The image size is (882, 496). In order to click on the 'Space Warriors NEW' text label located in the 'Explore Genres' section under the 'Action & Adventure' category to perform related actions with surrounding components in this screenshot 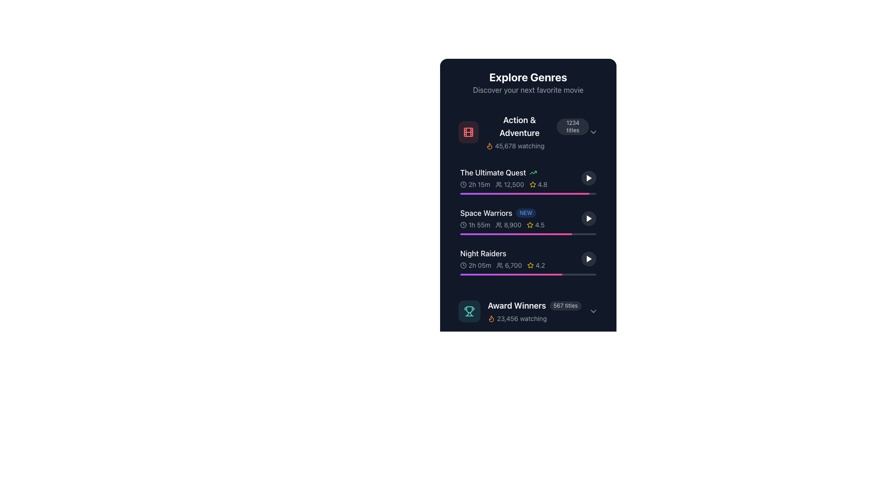, I will do `click(520, 213)`.